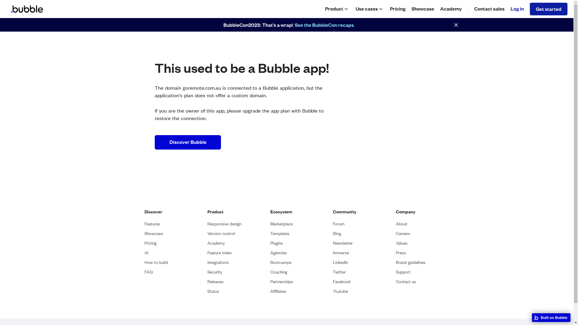 The image size is (578, 325). What do you see at coordinates (402, 224) in the screenshot?
I see `'About'` at bounding box center [402, 224].